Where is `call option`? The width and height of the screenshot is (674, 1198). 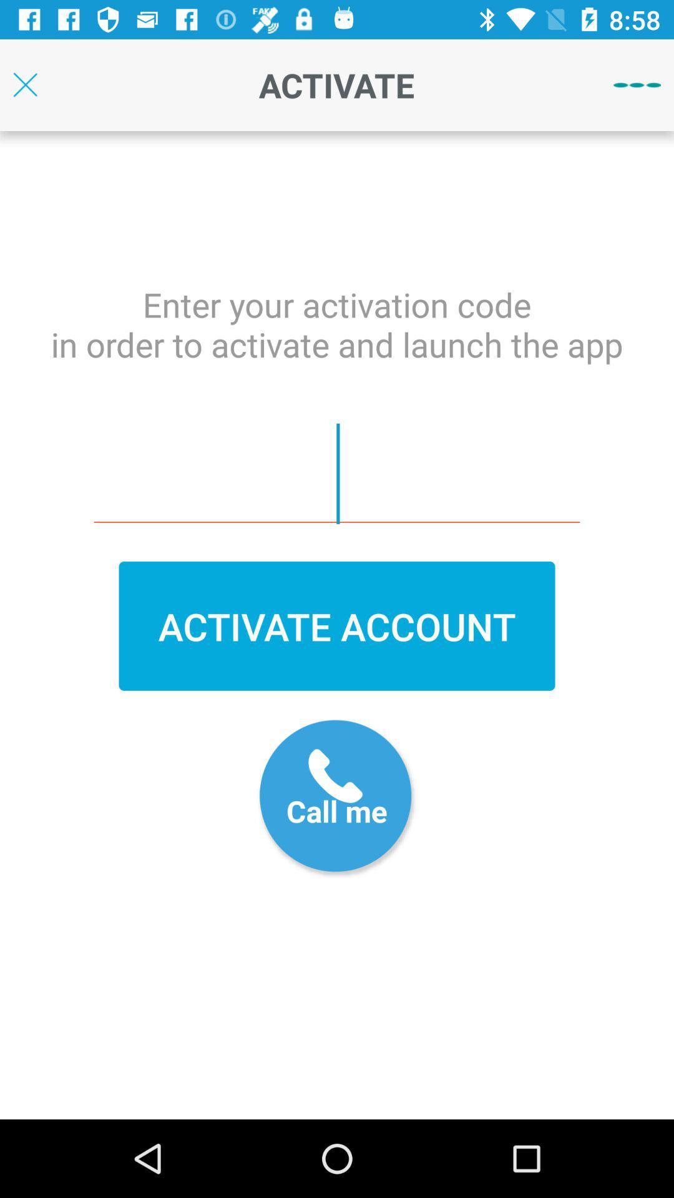
call option is located at coordinates (337, 799).